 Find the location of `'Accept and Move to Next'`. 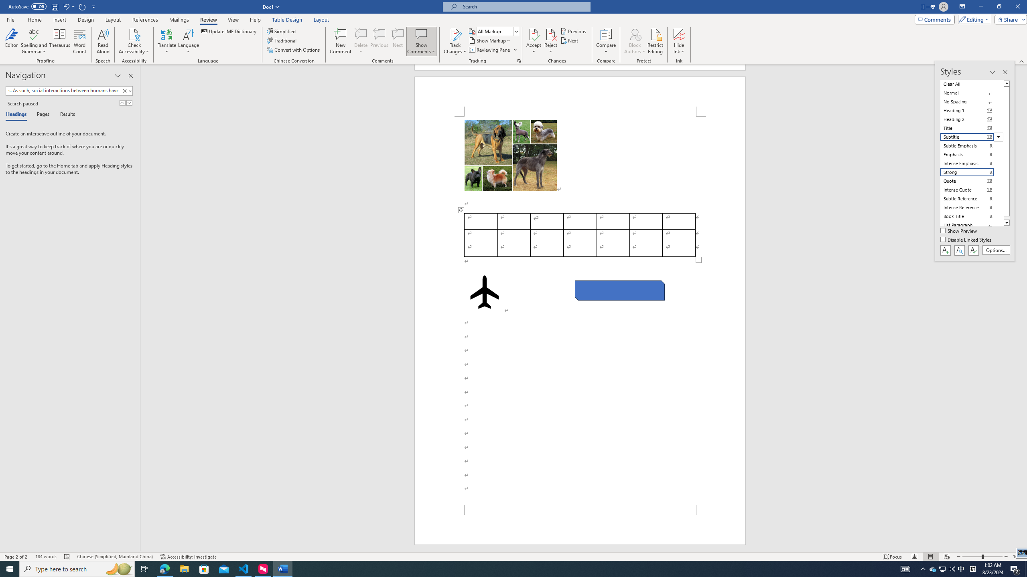

'Accept and Move to Next' is located at coordinates (534, 34).